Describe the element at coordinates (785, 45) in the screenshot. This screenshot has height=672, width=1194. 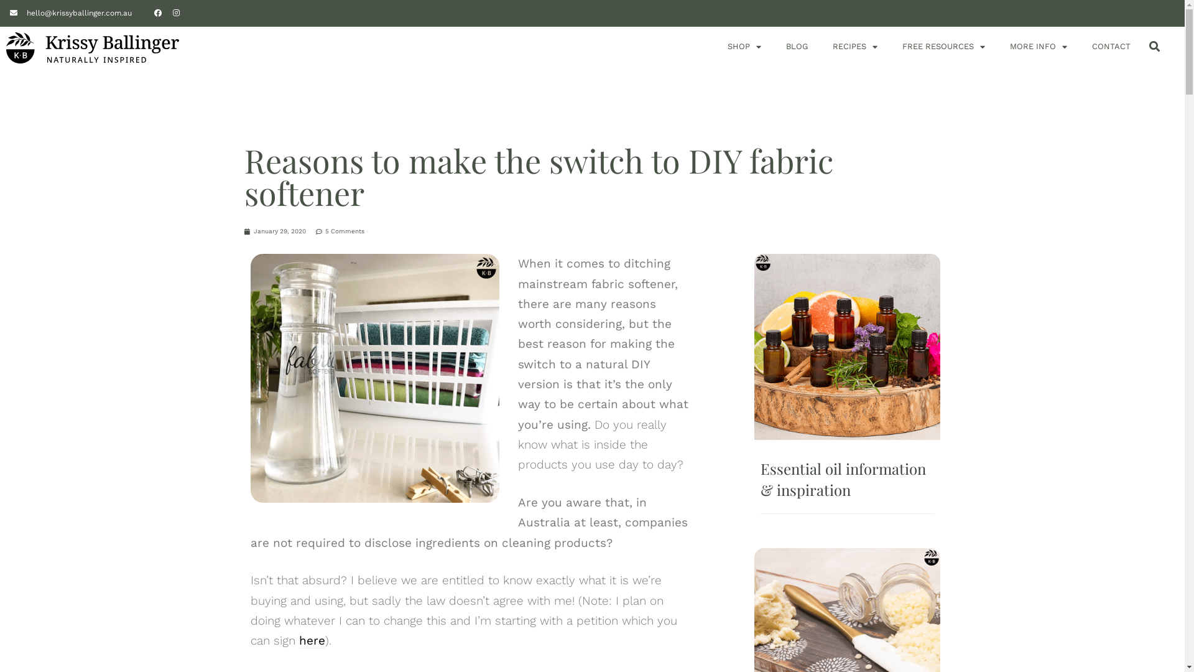
I see `'BLOG'` at that location.